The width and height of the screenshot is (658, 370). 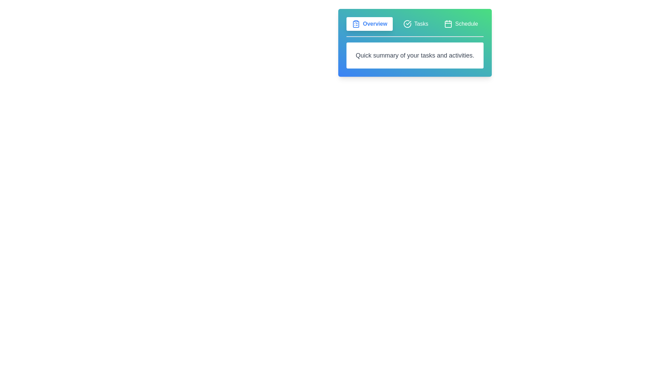 I want to click on the Tasks tab by clicking on it, so click(x=415, y=23).